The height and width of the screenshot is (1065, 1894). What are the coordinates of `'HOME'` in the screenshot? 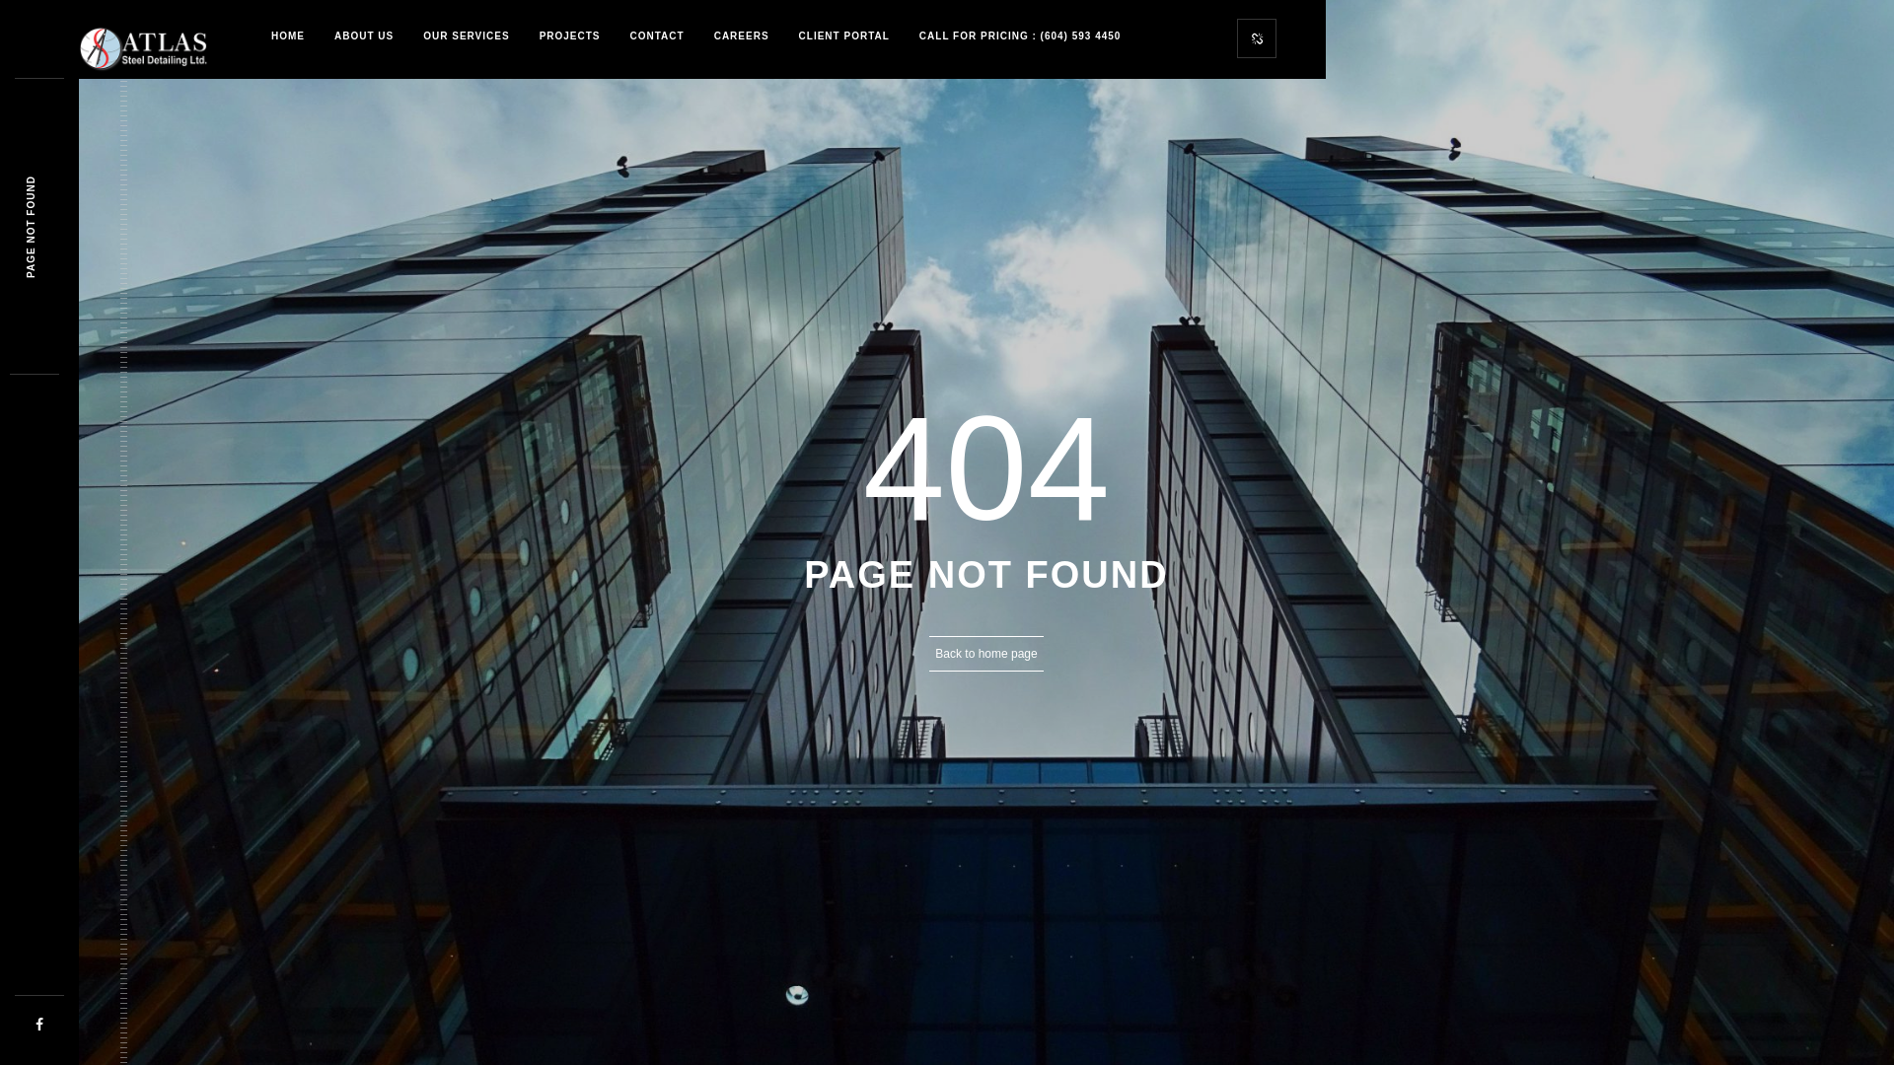 It's located at (287, 36).